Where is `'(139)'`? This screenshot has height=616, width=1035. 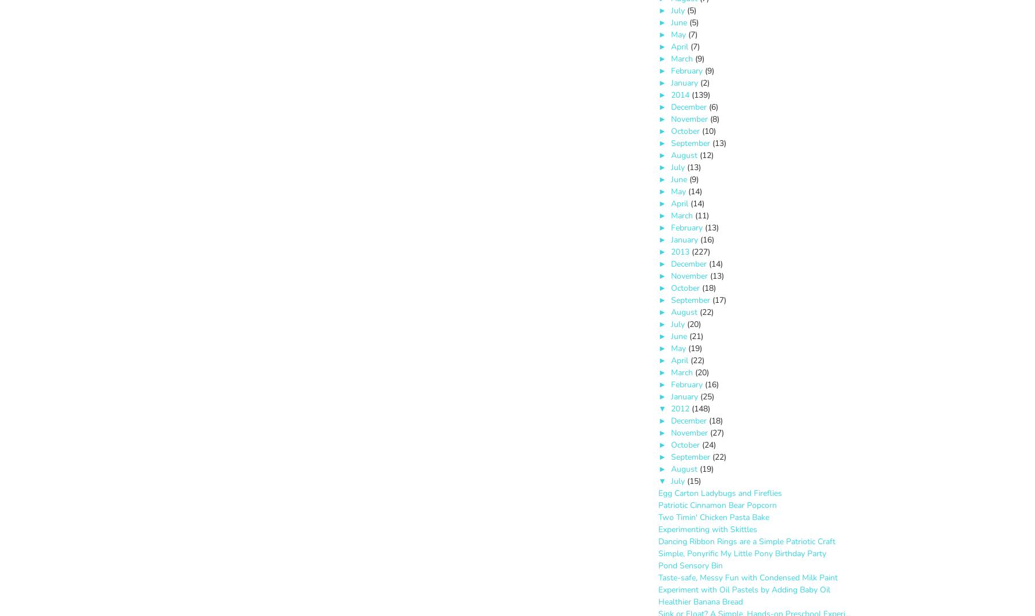
'(139)' is located at coordinates (700, 94).